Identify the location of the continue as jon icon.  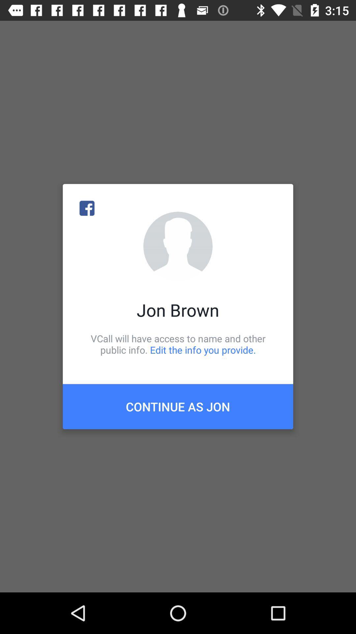
(178, 406).